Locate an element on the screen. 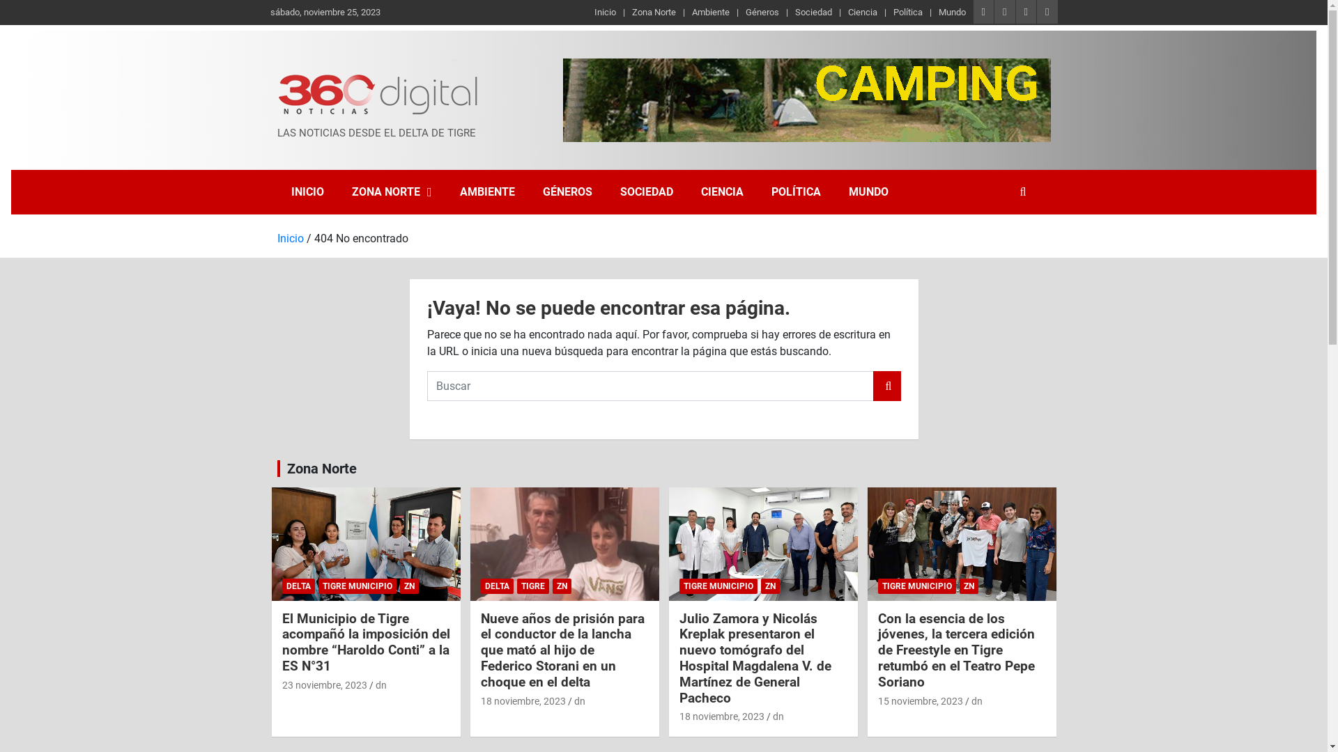 Image resolution: width=1338 pixels, height=752 pixels. '23 noviembre, 2023' is located at coordinates (323, 684).